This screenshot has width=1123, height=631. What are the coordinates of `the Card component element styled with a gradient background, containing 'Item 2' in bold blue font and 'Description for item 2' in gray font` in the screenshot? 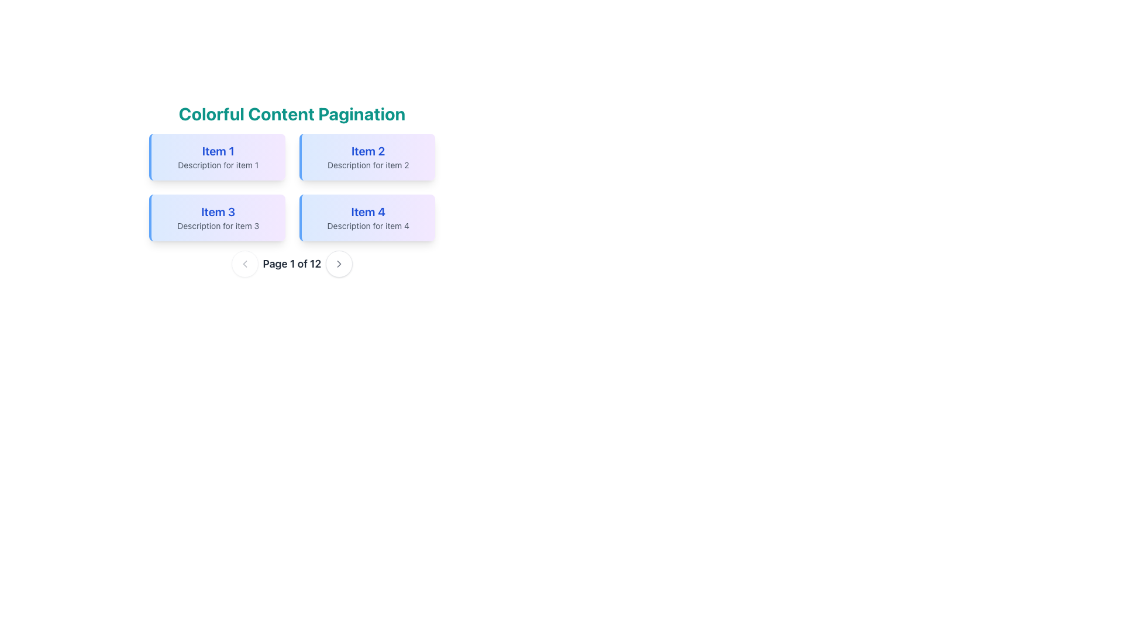 It's located at (366, 157).